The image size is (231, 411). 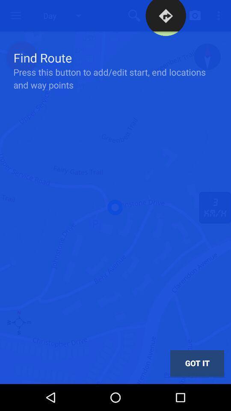 I want to click on the search bar at the top of the page, so click(x=134, y=15).